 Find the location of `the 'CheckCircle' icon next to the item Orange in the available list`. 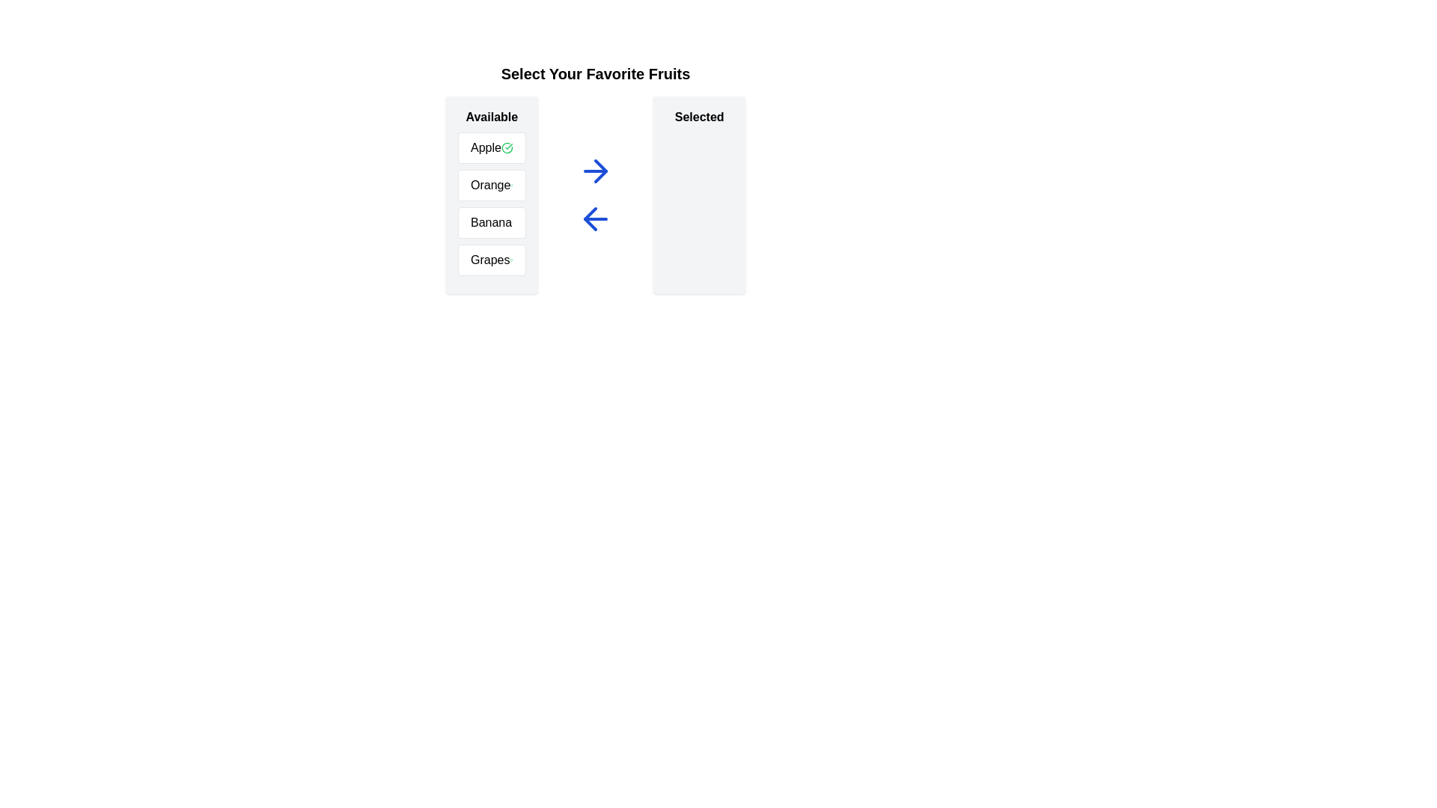

the 'CheckCircle' icon next to the item Orange in the available list is located at coordinates (512, 184).